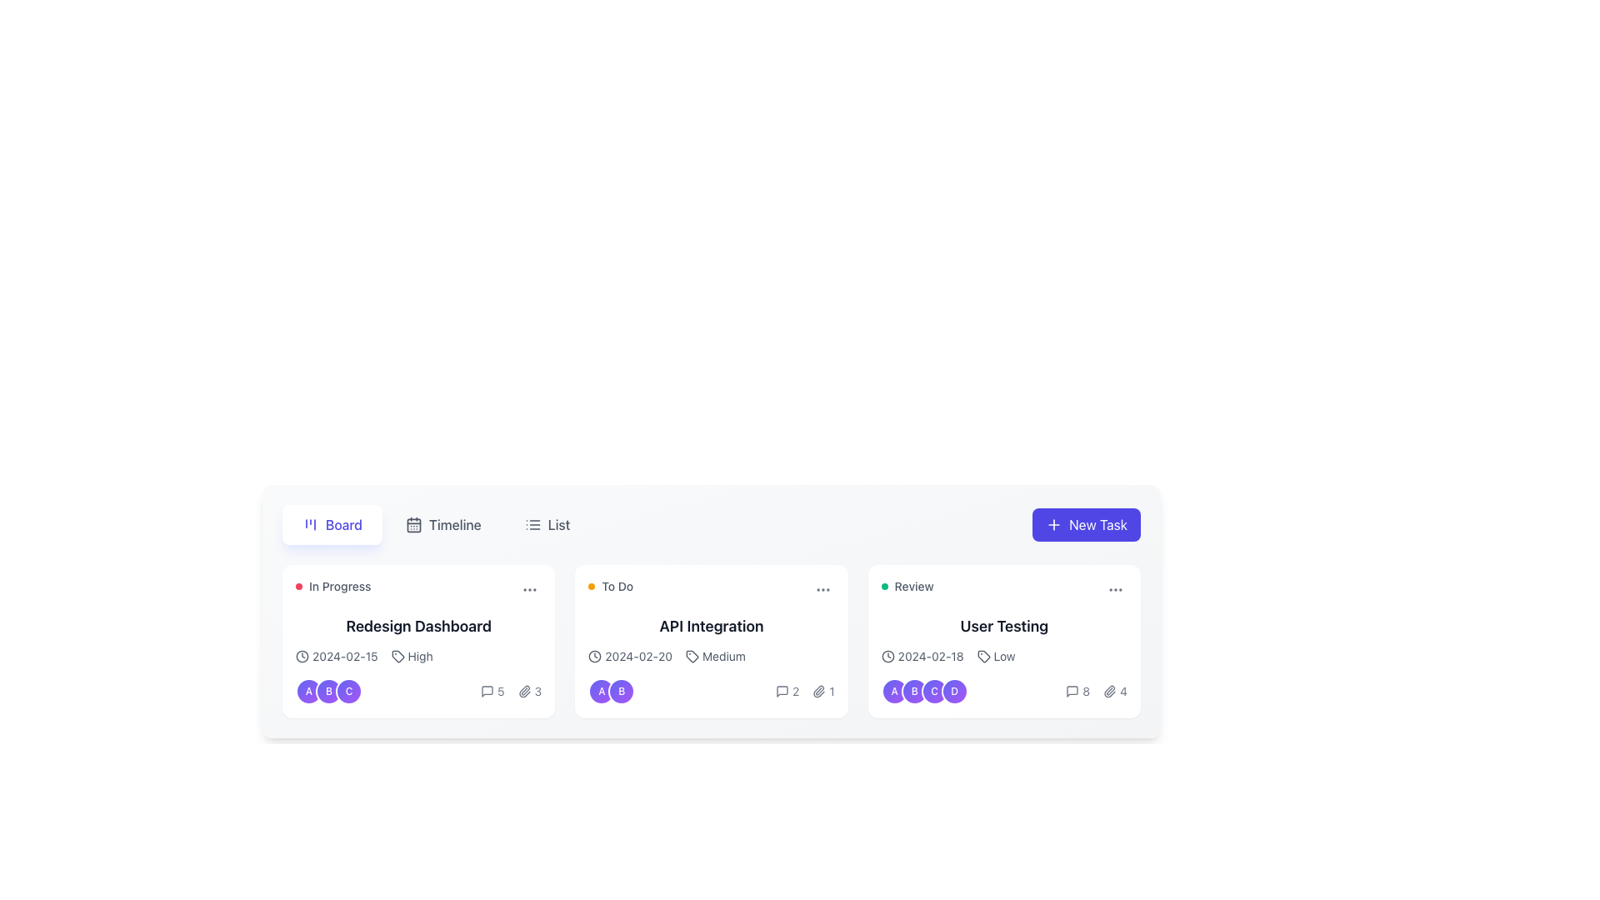 This screenshot has width=1600, height=900. I want to click on the circular avatar with a gradient fill transitioning from indigo to purple, bordered with white, containing the letter 'A' in uppercase, located near the bottom-left corner of the 'Redesign Dashboard' card, so click(308, 691).